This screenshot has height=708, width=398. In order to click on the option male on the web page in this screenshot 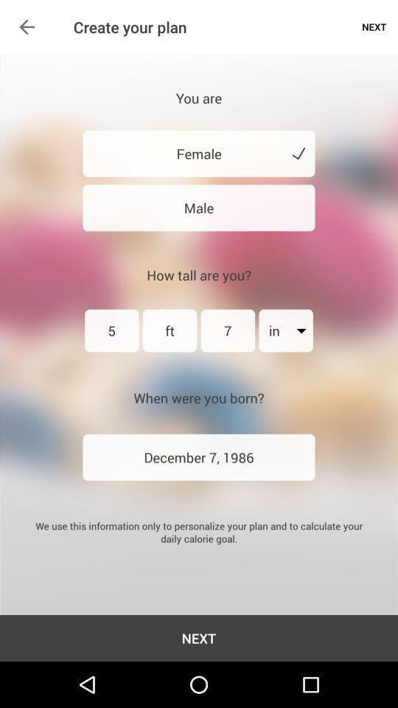, I will do `click(199, 207)`.